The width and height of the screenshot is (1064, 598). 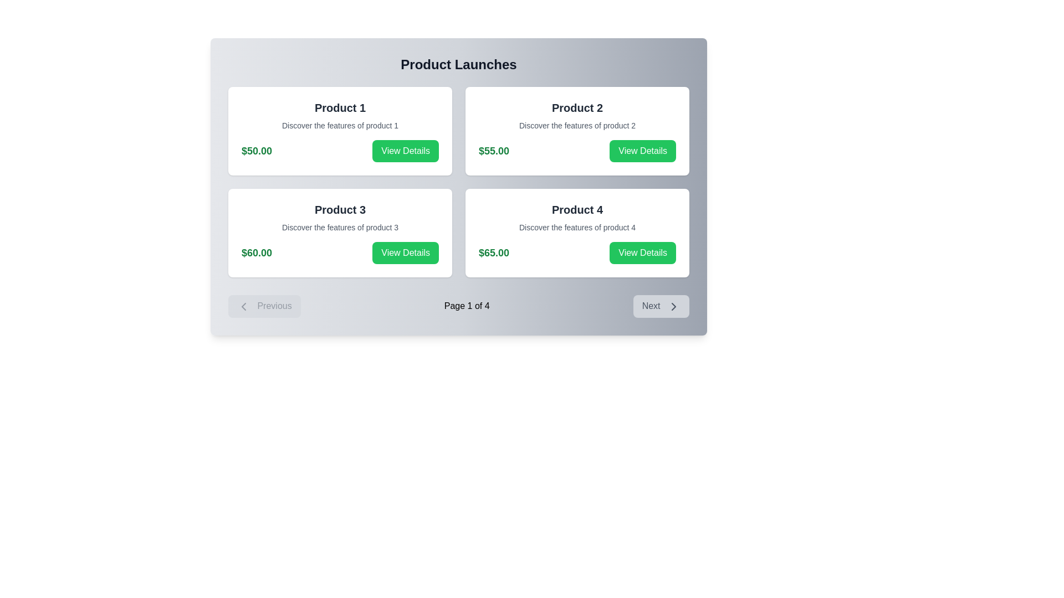 I want to click on bold green text label displaying the amount '$65.00' located in the 'Product 4' section, aligned to the left of the 'View Details' button, so click(x=493, y=252).